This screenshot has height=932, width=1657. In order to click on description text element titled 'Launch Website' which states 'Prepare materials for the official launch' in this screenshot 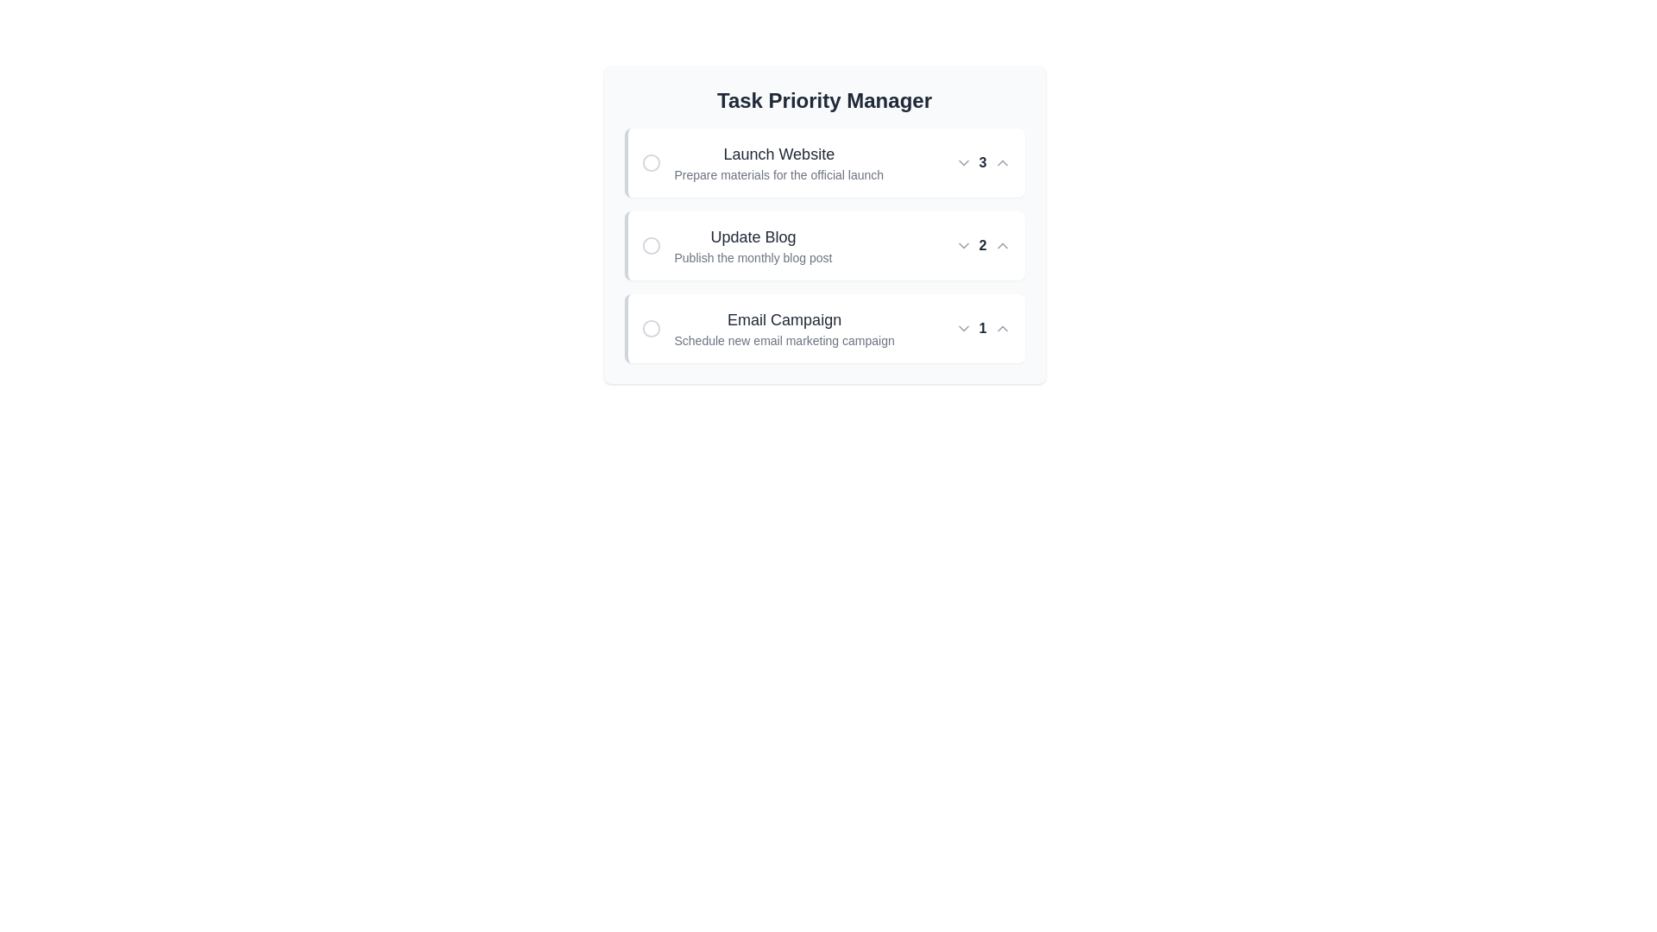, I will do `click(778, 163)`.